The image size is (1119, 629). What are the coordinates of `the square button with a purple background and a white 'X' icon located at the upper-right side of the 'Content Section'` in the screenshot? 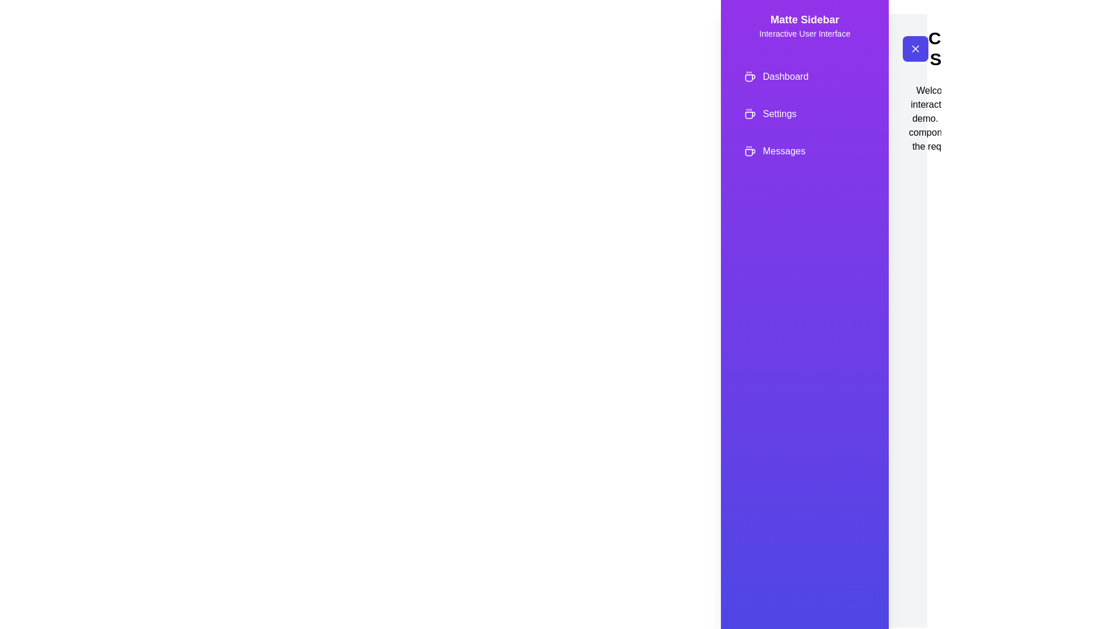 It's located at (914, 48).